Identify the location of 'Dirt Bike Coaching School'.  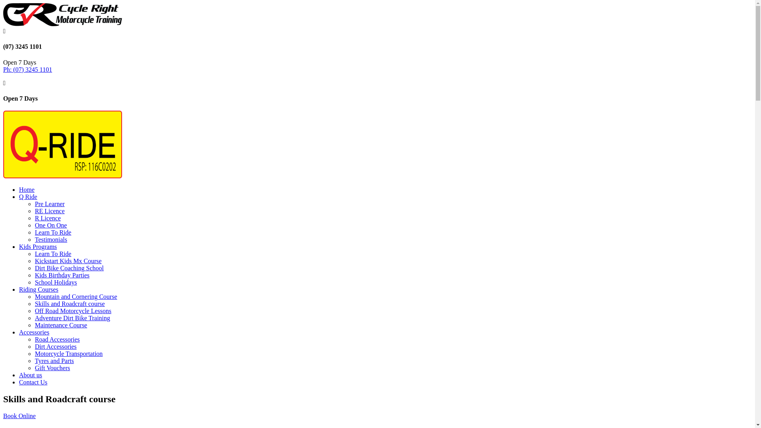
(69, 267).